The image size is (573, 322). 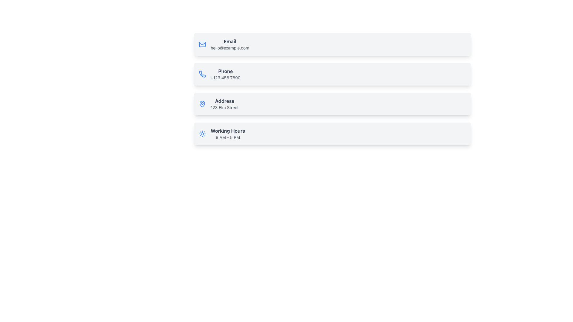 I want to click on the rectangular, rounded-corner icon styled as a graphical envelope, located to the left of the 'Email' text in the contact information list, so click(x=202, y=44).